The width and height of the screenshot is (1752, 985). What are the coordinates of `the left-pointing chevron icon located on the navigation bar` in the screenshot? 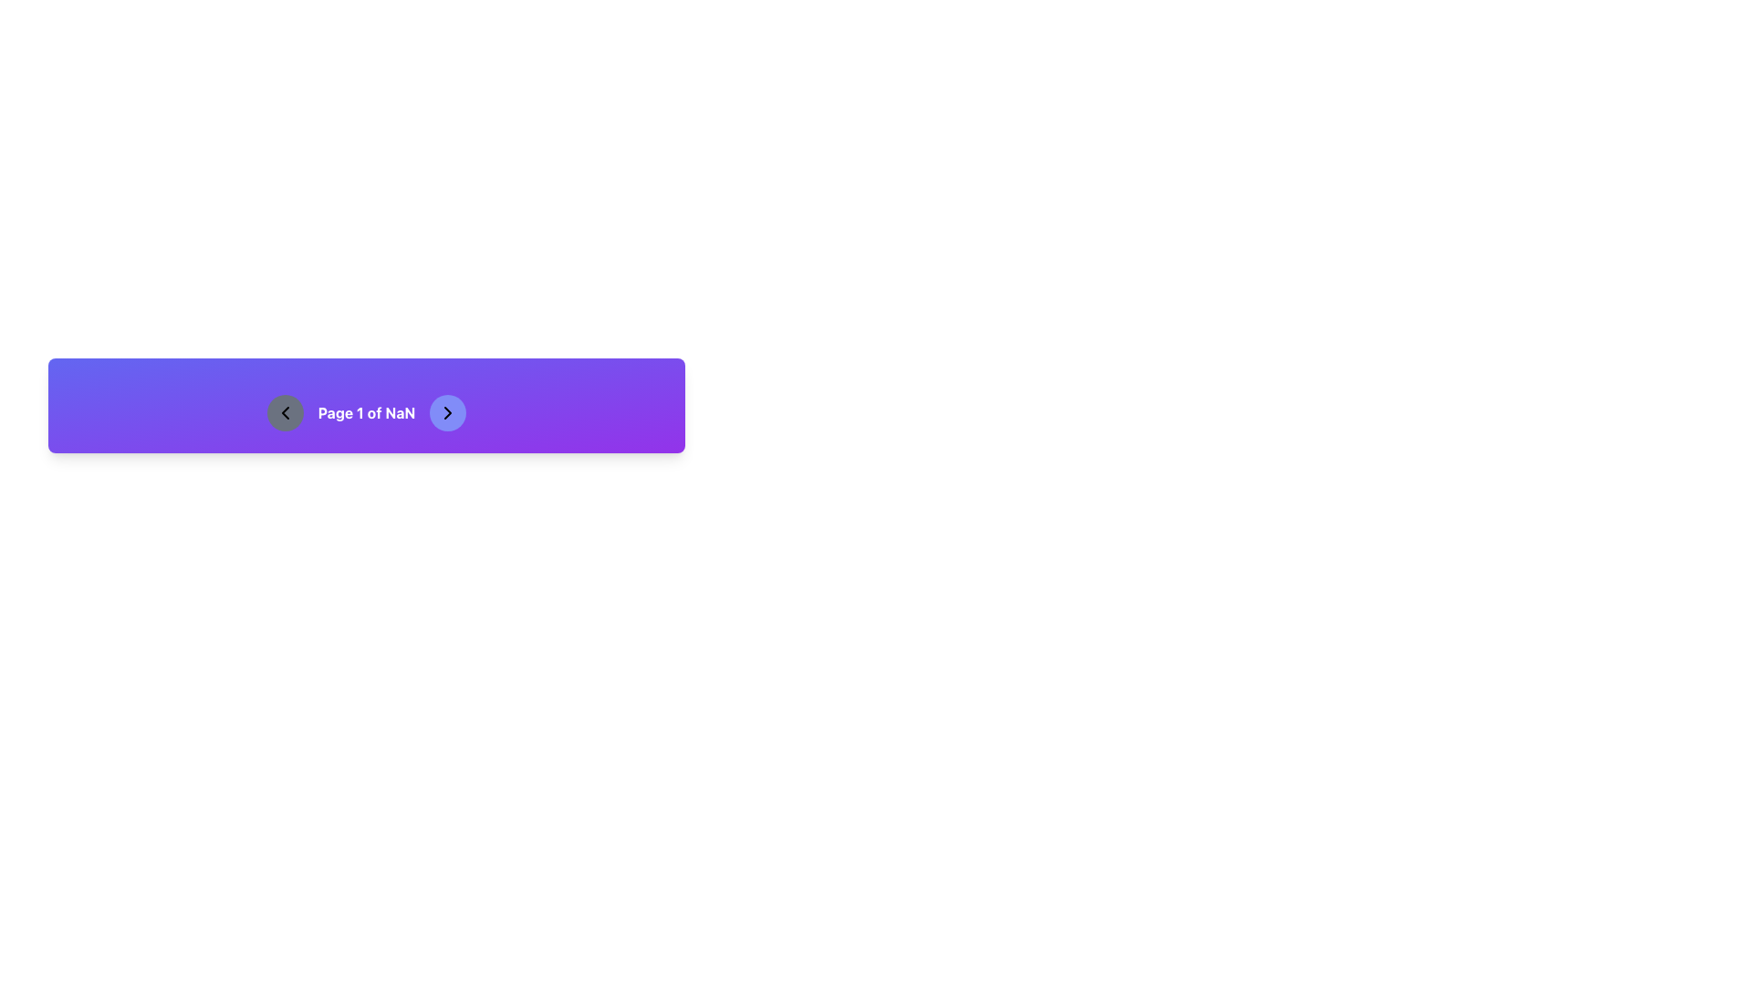 It's located at (284, 412).